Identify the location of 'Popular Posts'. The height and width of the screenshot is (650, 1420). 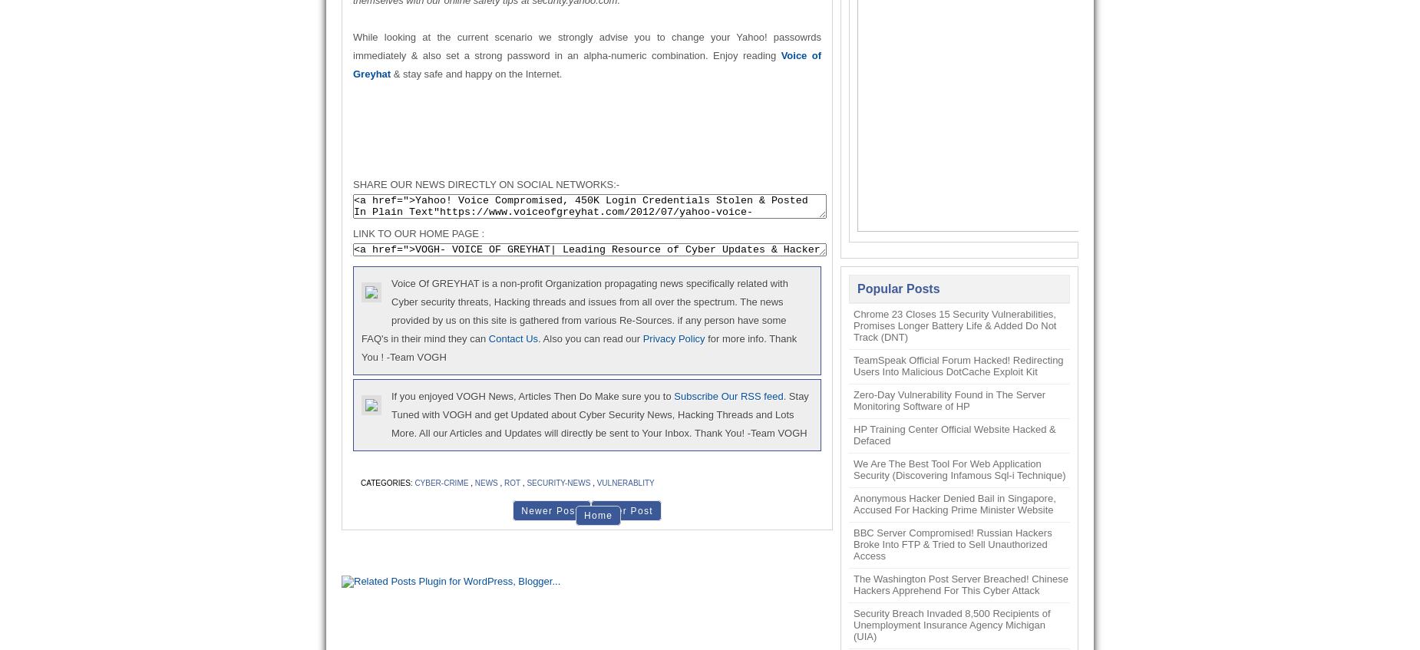
(857, 288).